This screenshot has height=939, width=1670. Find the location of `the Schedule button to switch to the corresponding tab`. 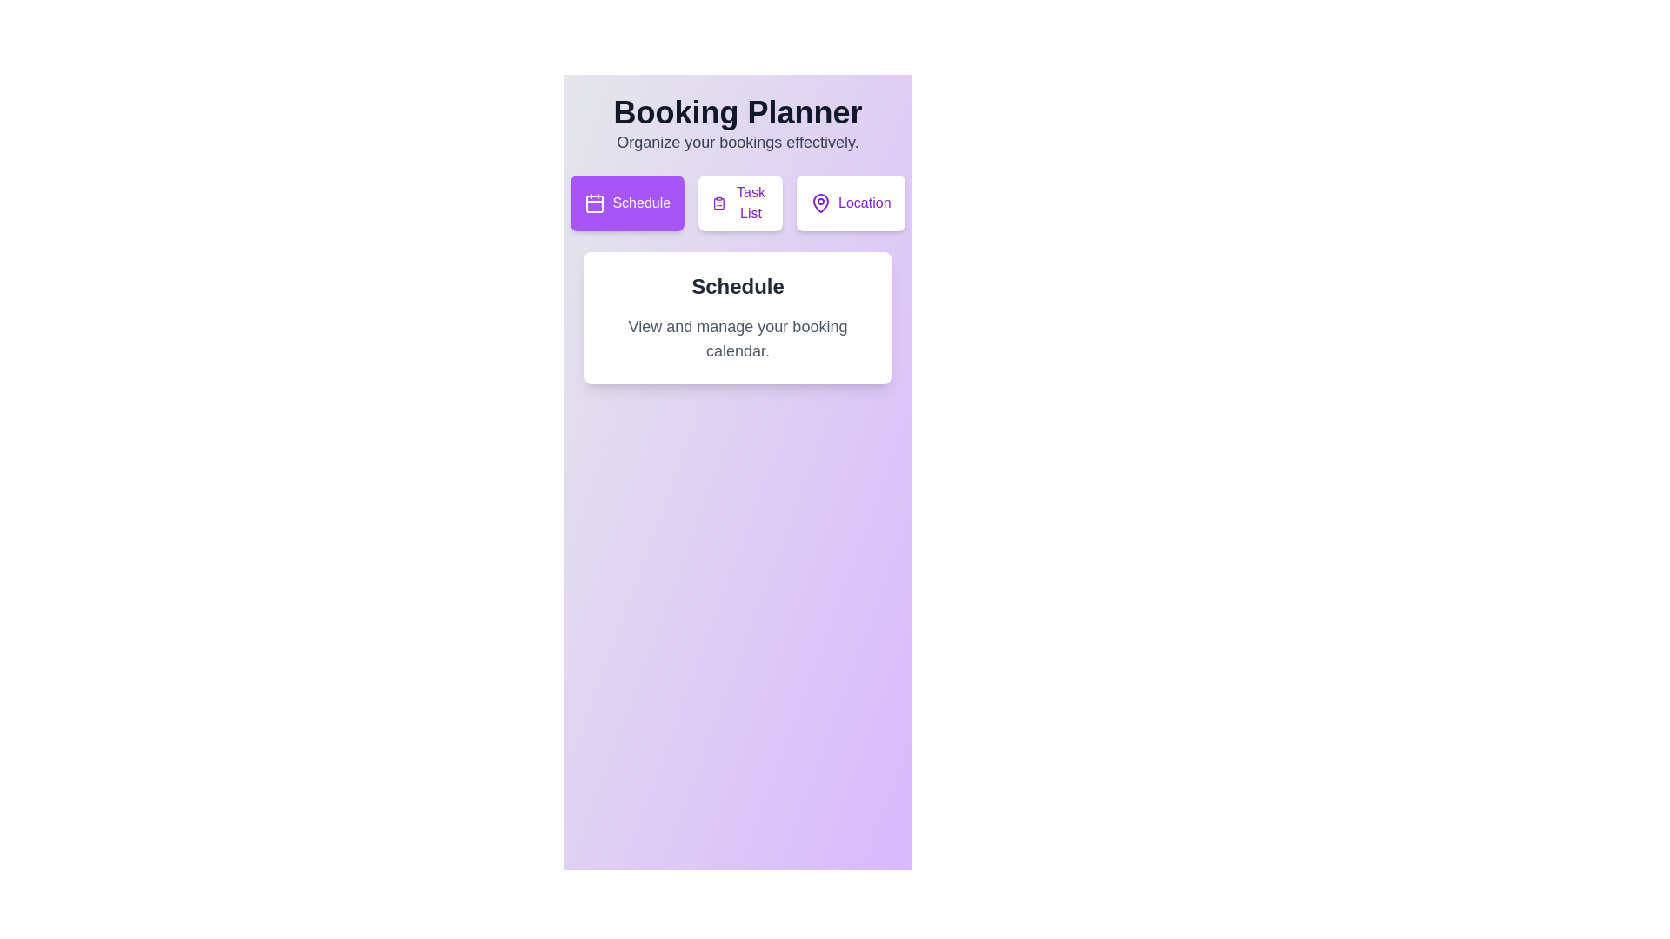

the Schedule button to switch to the corresponding tab is located at coordinates (626, 203).